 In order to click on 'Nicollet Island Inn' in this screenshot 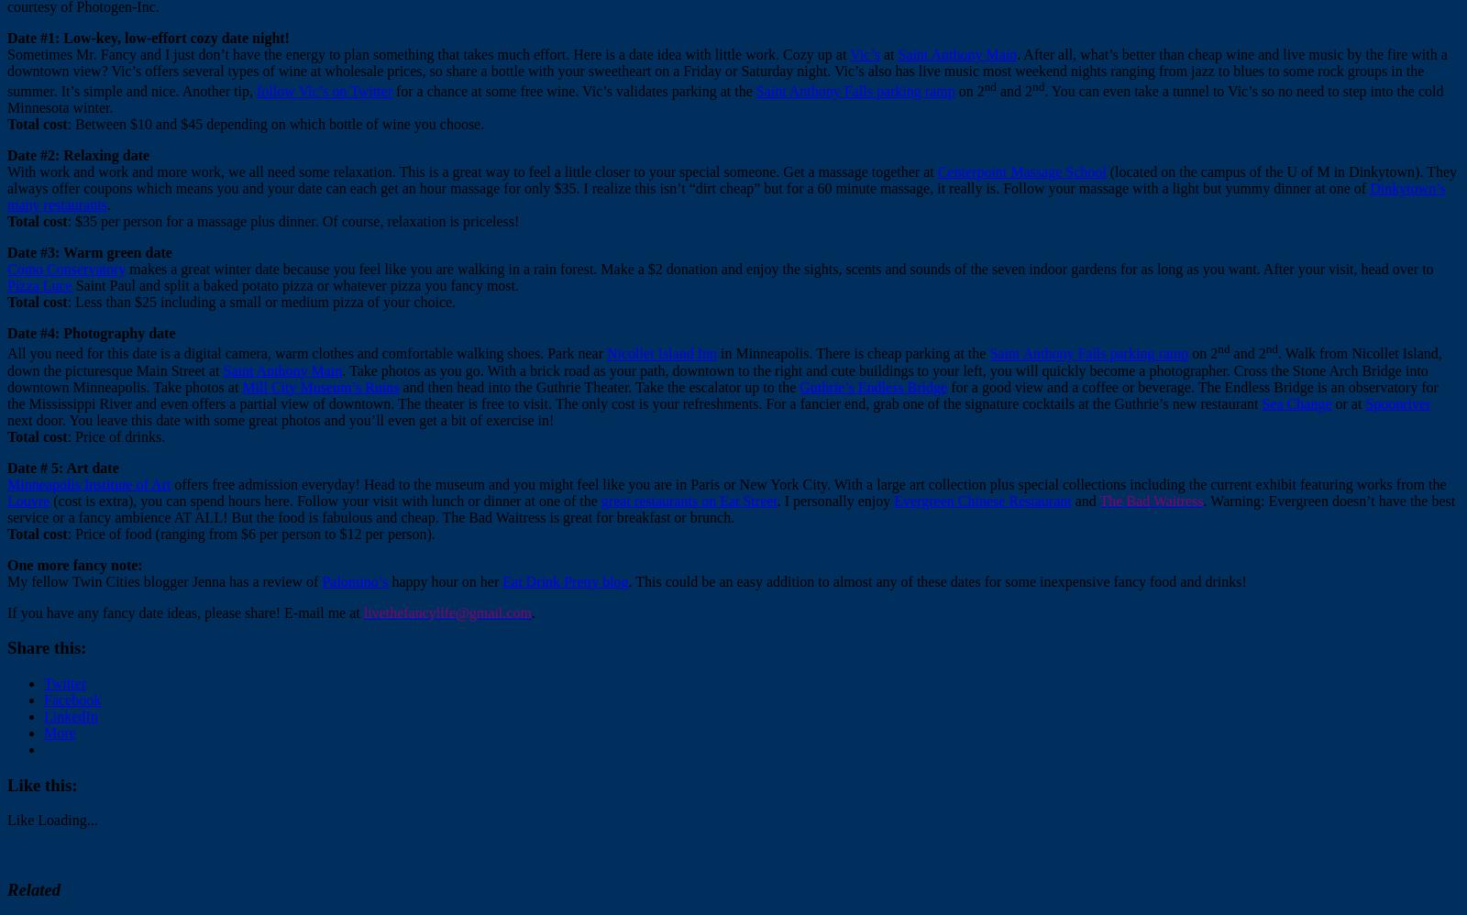, I will do `click(661, 352)`.